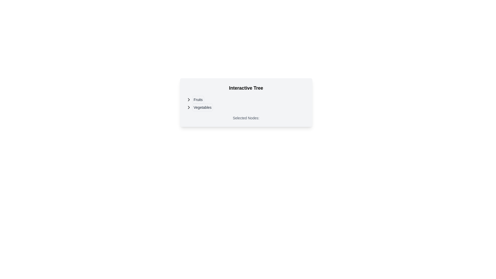 The width and height of the screenshot is (496, 279). Describe the element at coordinates (198, 99) in the screenshot. I see `the text label displaying 'Fruits'` at that location.